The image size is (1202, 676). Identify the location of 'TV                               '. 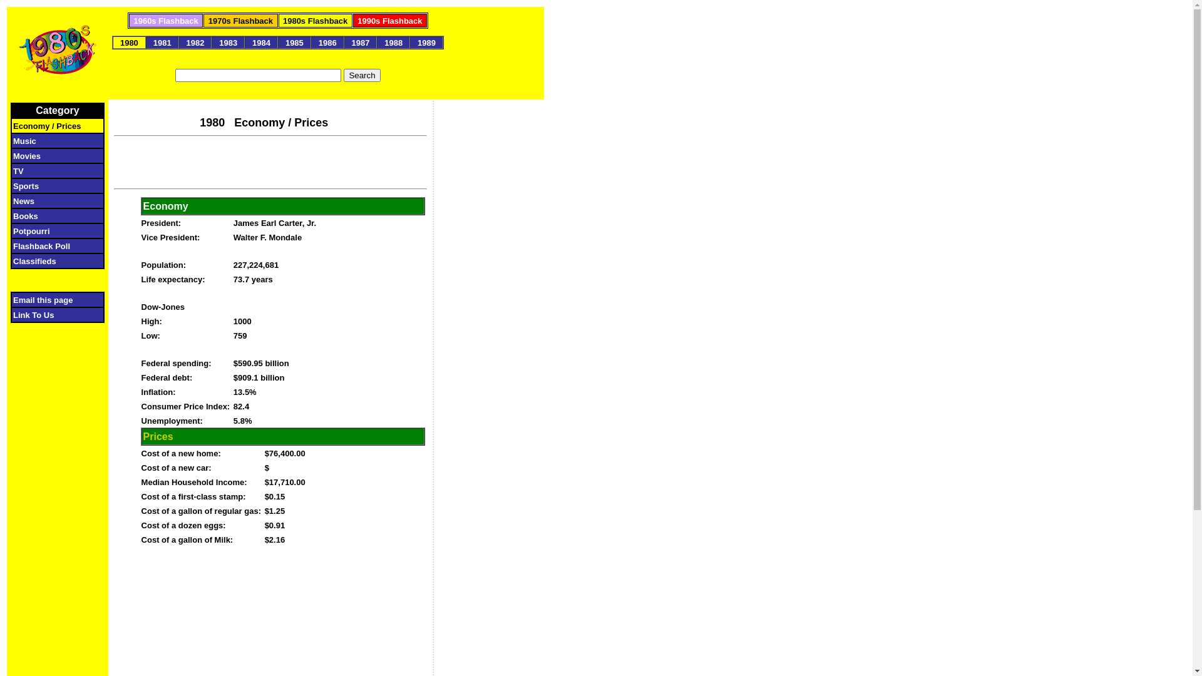
(53, 170).